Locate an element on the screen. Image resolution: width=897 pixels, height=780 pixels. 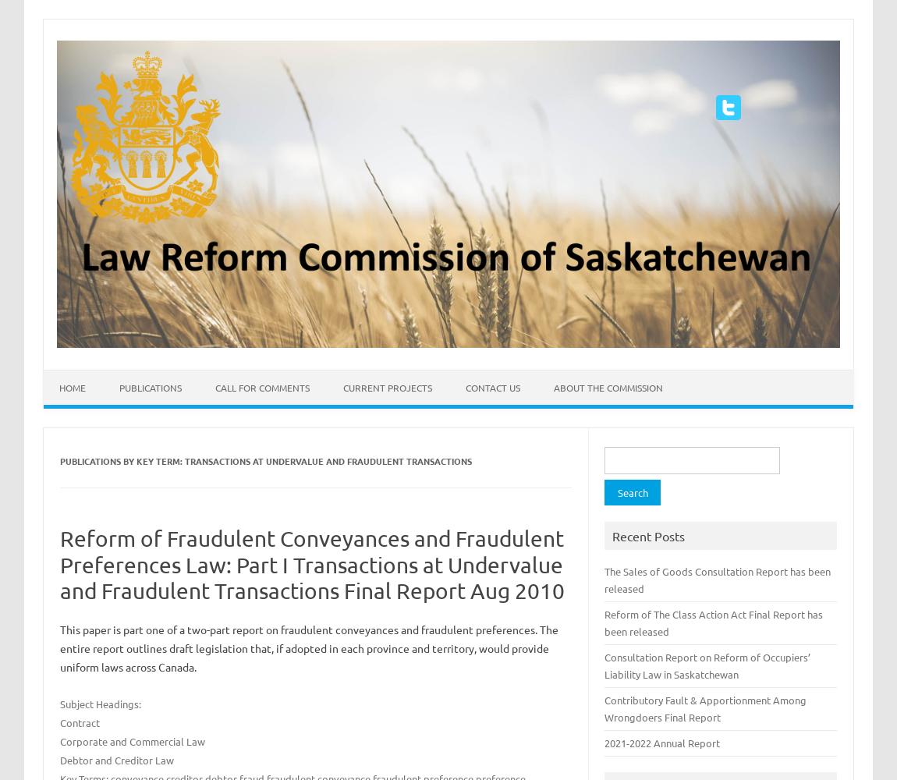
'This paper is part one of a two-part report on fraudulent conveyances and fraudulent preferences. The entire report outlines draft legislation that, if adopted in each province and territory, would provide uniform laws across Canada.' is located at coordinates (308, 647).